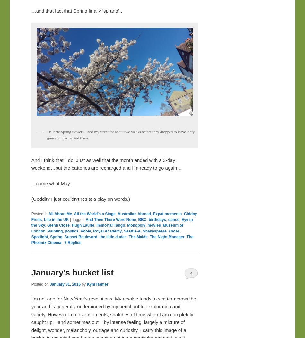 This screenshot has width=305, height=338. I want to click on '…and that fact that Spring finally ‘sprang’…', so click(77, 11).